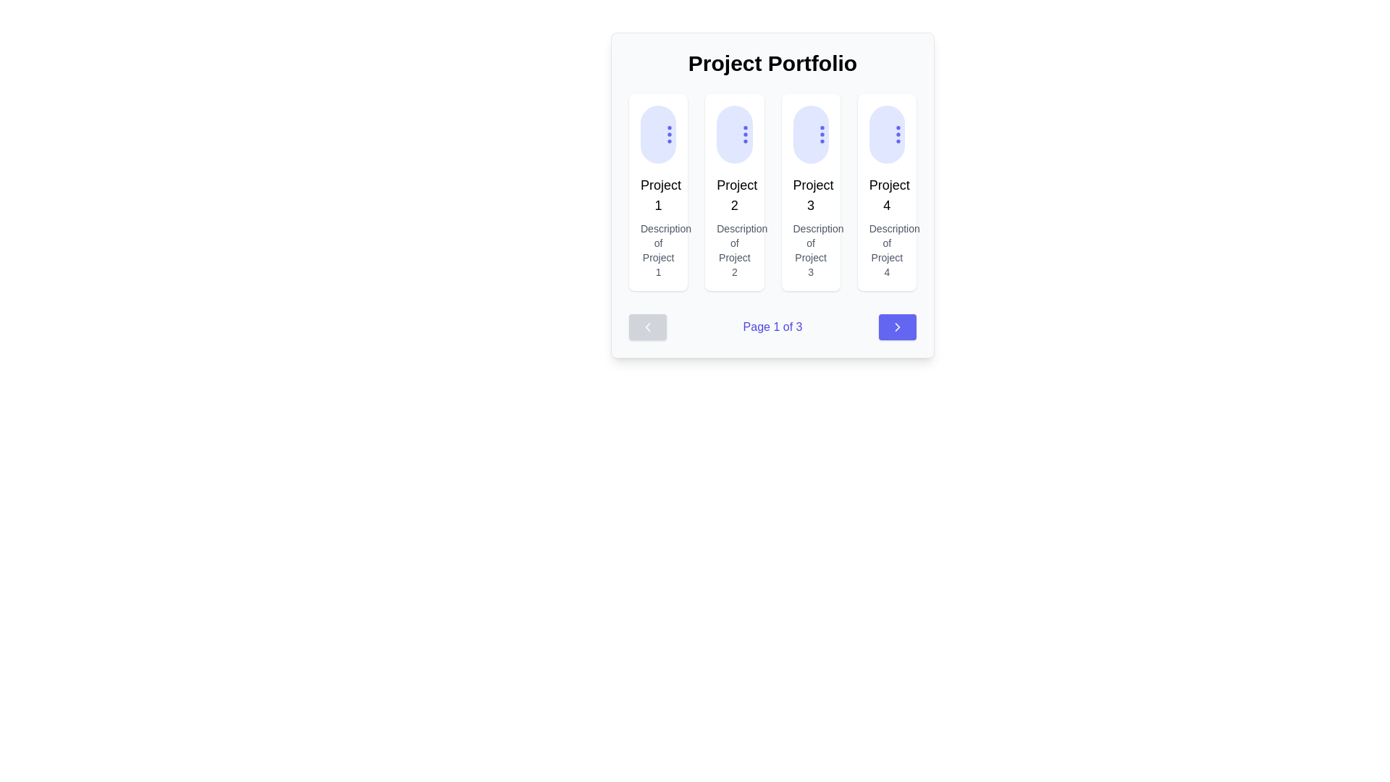 Image resolution: width=1390 pixels, height=782 pixels. What do you see at coordinates (811, 250) in the screenshot?
I see `static text element displaying 'Description of Project 3', which is styled with a smaller gray font and located in the third card from the left, below the heading 'Project 3'` at bounding box center [811, 250].